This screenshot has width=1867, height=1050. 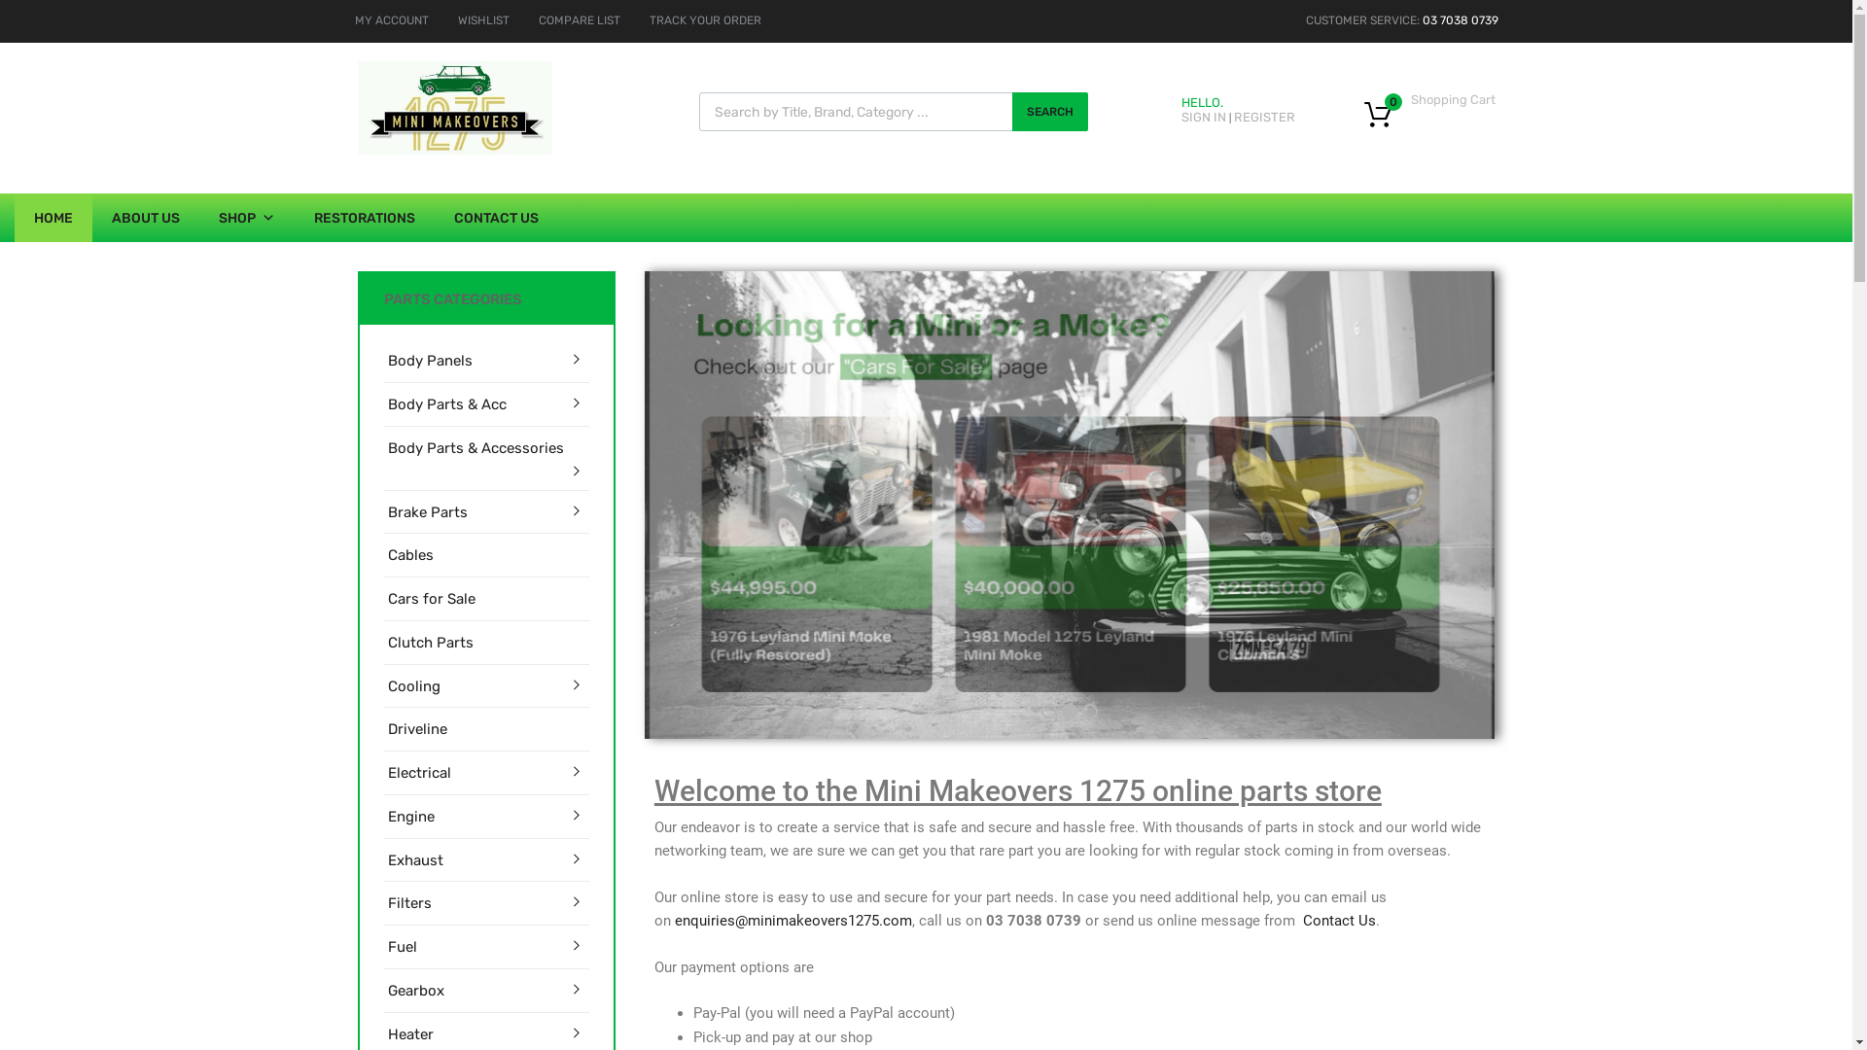 I want to click on 'COMPARE LIST', so click(x=578, y=19).